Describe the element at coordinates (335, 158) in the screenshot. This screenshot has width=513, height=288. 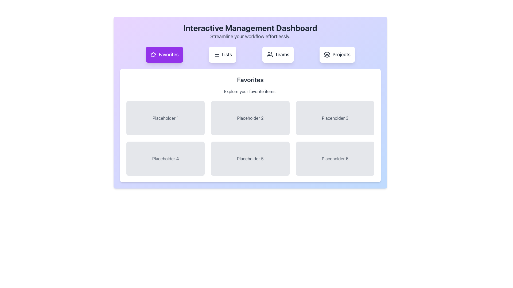
I see `the static element with the text 'Placeholder 6', which is a rectangular area with rounded corners and a light gray background, located in the bottom-right corner of the grid layout` at that location.